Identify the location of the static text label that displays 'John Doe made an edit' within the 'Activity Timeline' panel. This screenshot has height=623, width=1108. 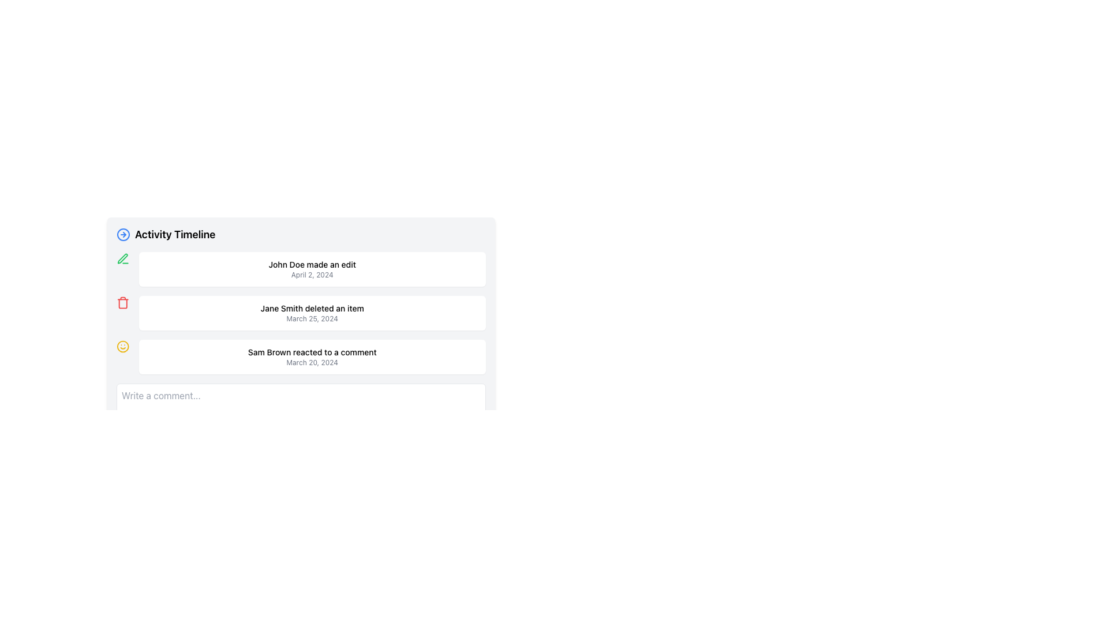
(312, 265).